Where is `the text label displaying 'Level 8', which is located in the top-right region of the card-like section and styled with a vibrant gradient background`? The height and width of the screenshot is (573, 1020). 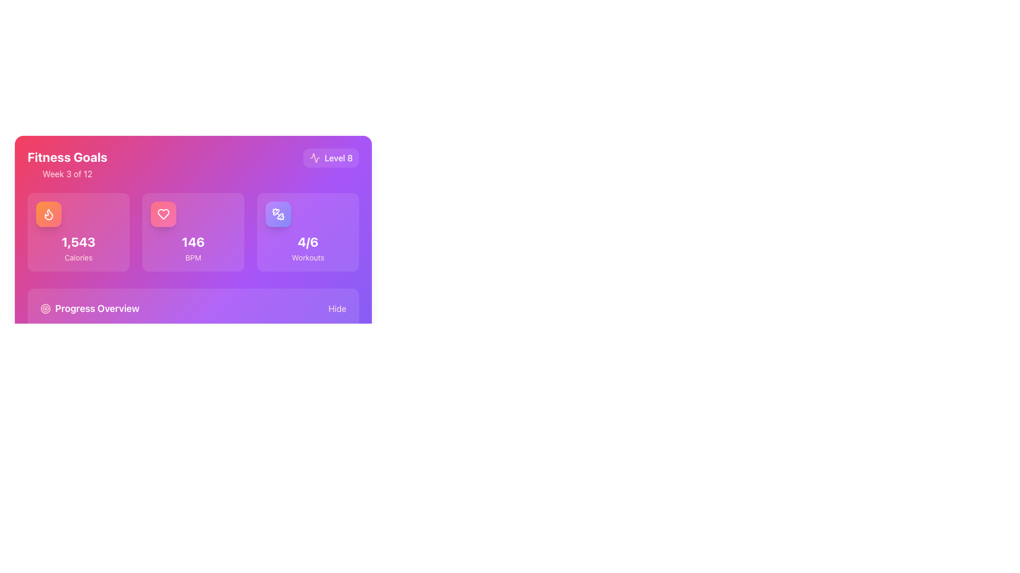
the text label displaying 'Level 8', which is located in the top-right region of the card-like section and styled with a vibrant gradient background is located at coordinates (338, 158).